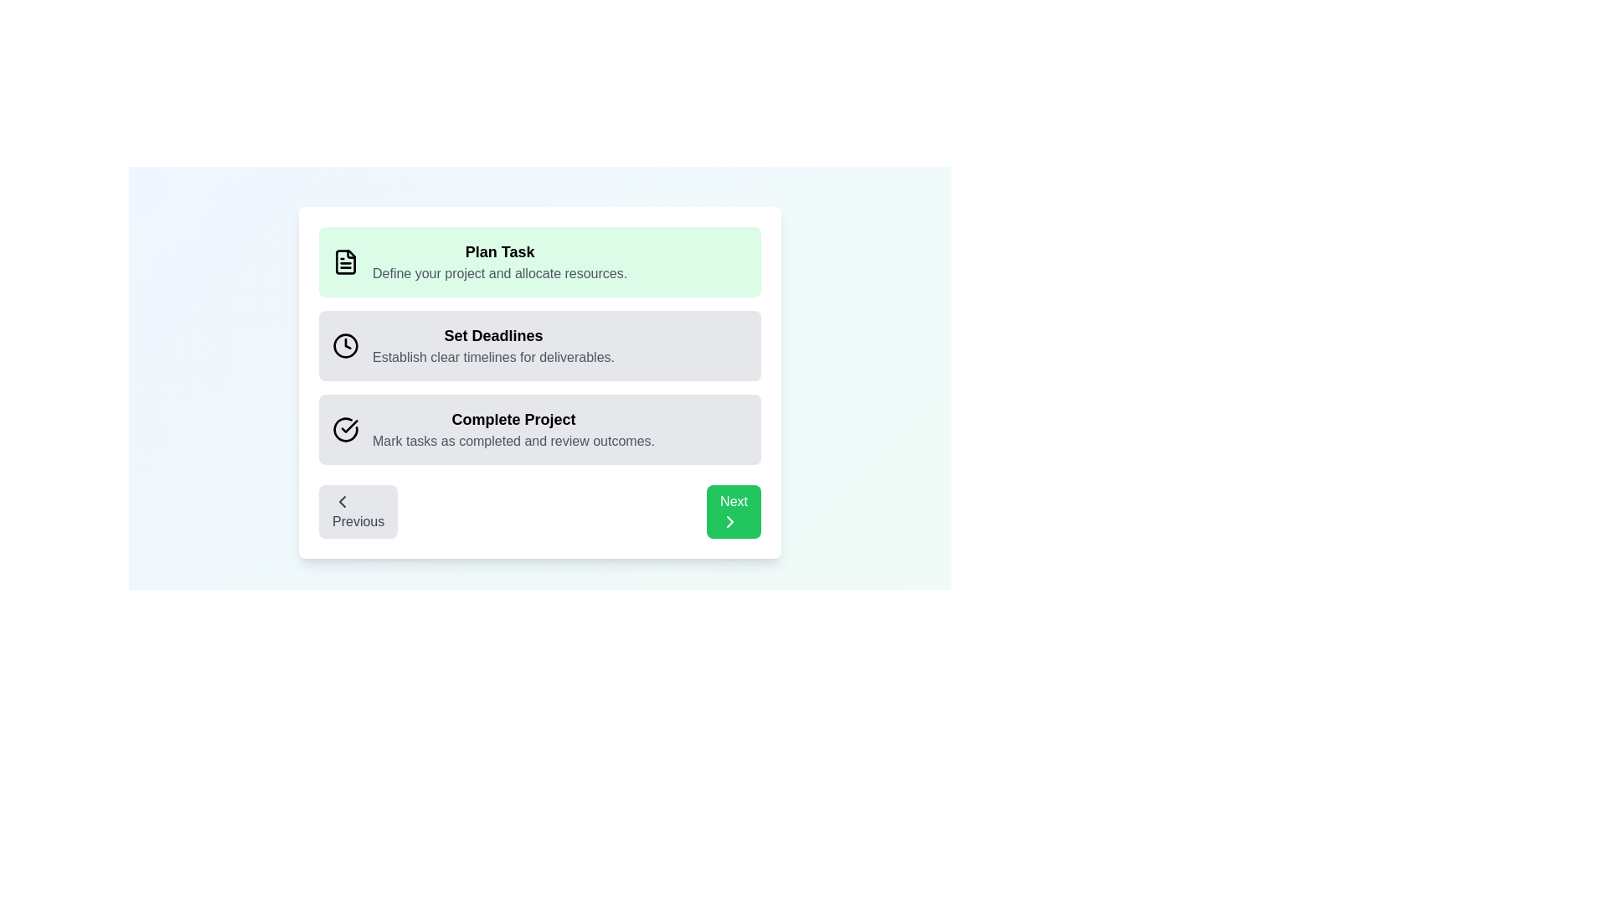  What do you see at coordinates (734, 510) in the screenshot?
I see `the Next button to navigate through the steps` at bounding box center [734, 510].